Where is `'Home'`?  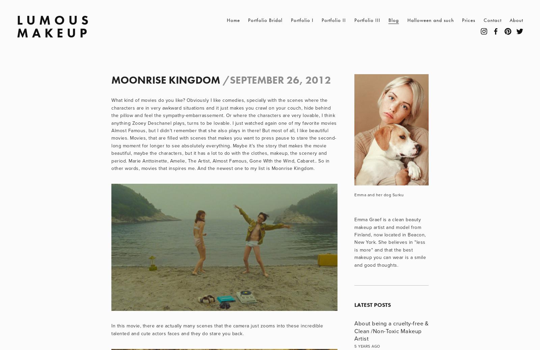
'Home' is located at coordinates (226, 20).